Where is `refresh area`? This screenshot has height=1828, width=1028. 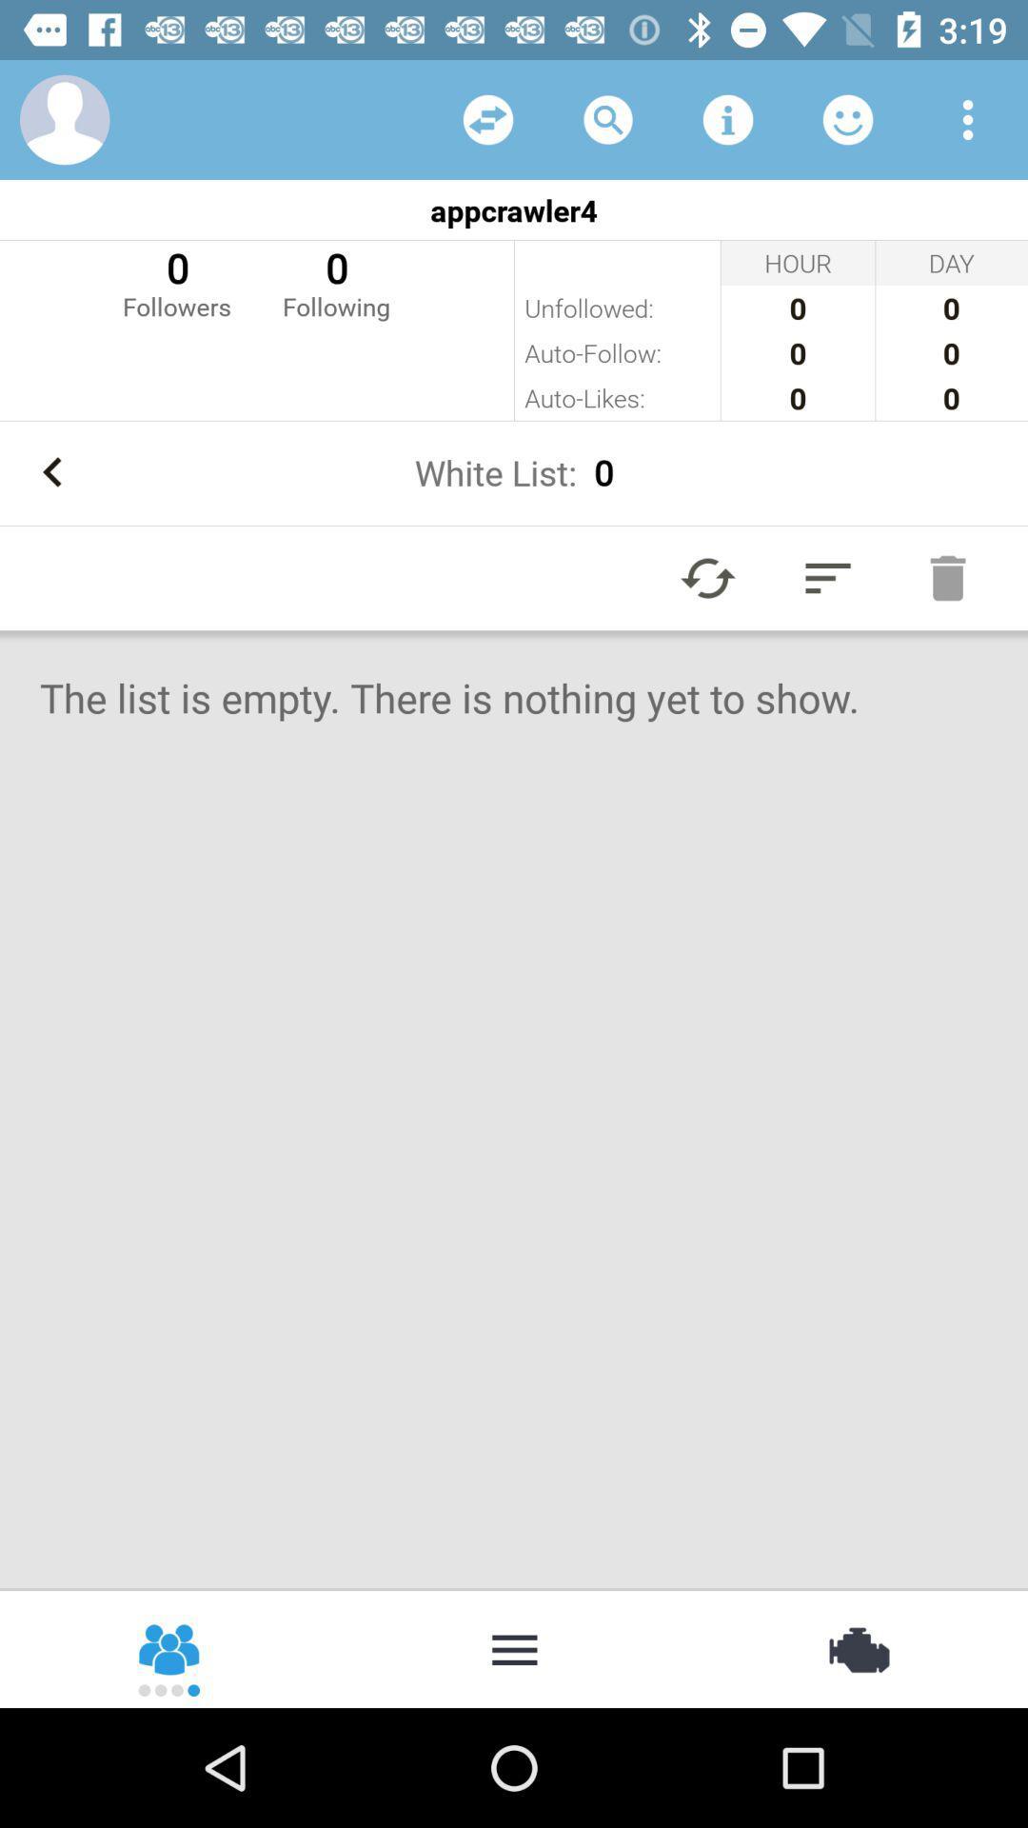 refresh area is located at coordinates (487, 118).